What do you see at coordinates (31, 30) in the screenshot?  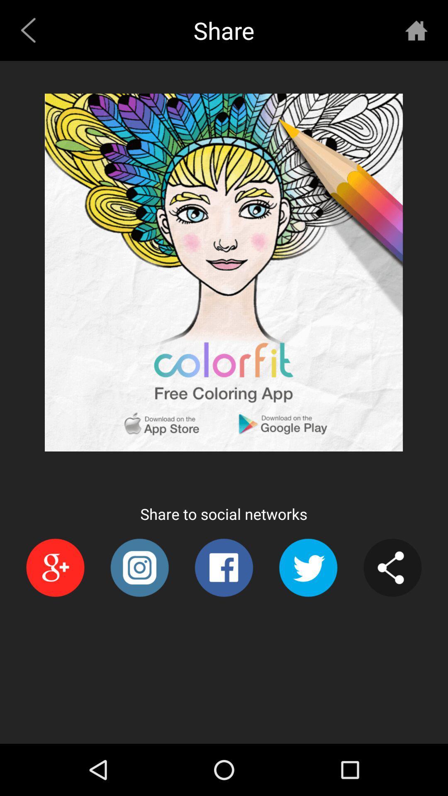 I see `the icon to the left of share icon` at bounding box center [31, 30].